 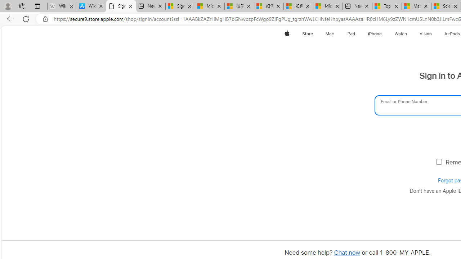 I want to click on 'iPad', so click(x=351, y=33).